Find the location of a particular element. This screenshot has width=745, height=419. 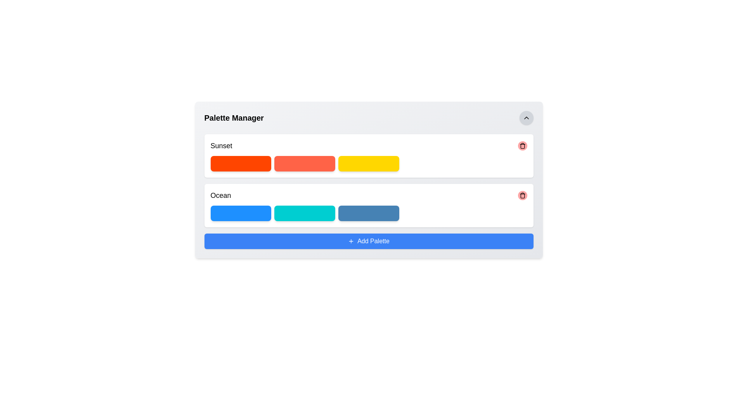

the 'Add Palette' button, which is a horizontally elongated button with rounded corners, blue background, and white text, located at the bottom of the group interface is located at coordinates (368, 241).